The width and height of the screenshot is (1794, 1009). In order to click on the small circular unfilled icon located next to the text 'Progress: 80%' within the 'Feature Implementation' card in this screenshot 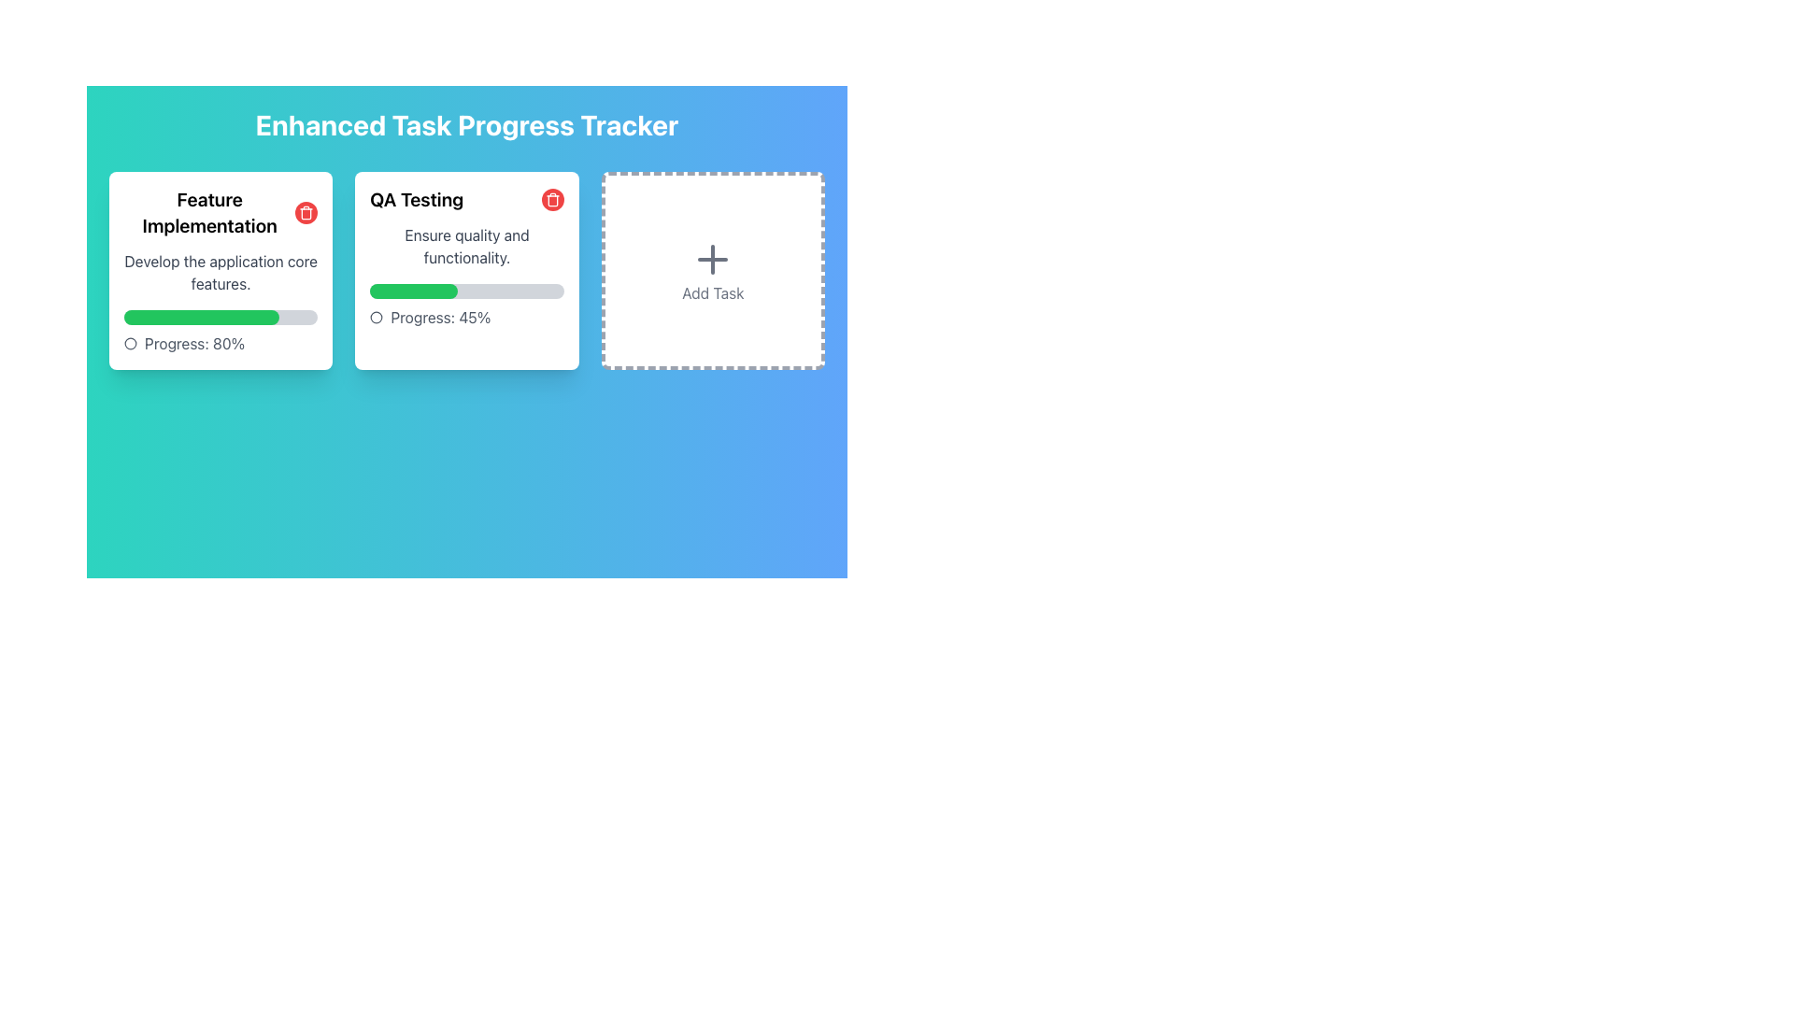, I will do `click(129, 343)`.